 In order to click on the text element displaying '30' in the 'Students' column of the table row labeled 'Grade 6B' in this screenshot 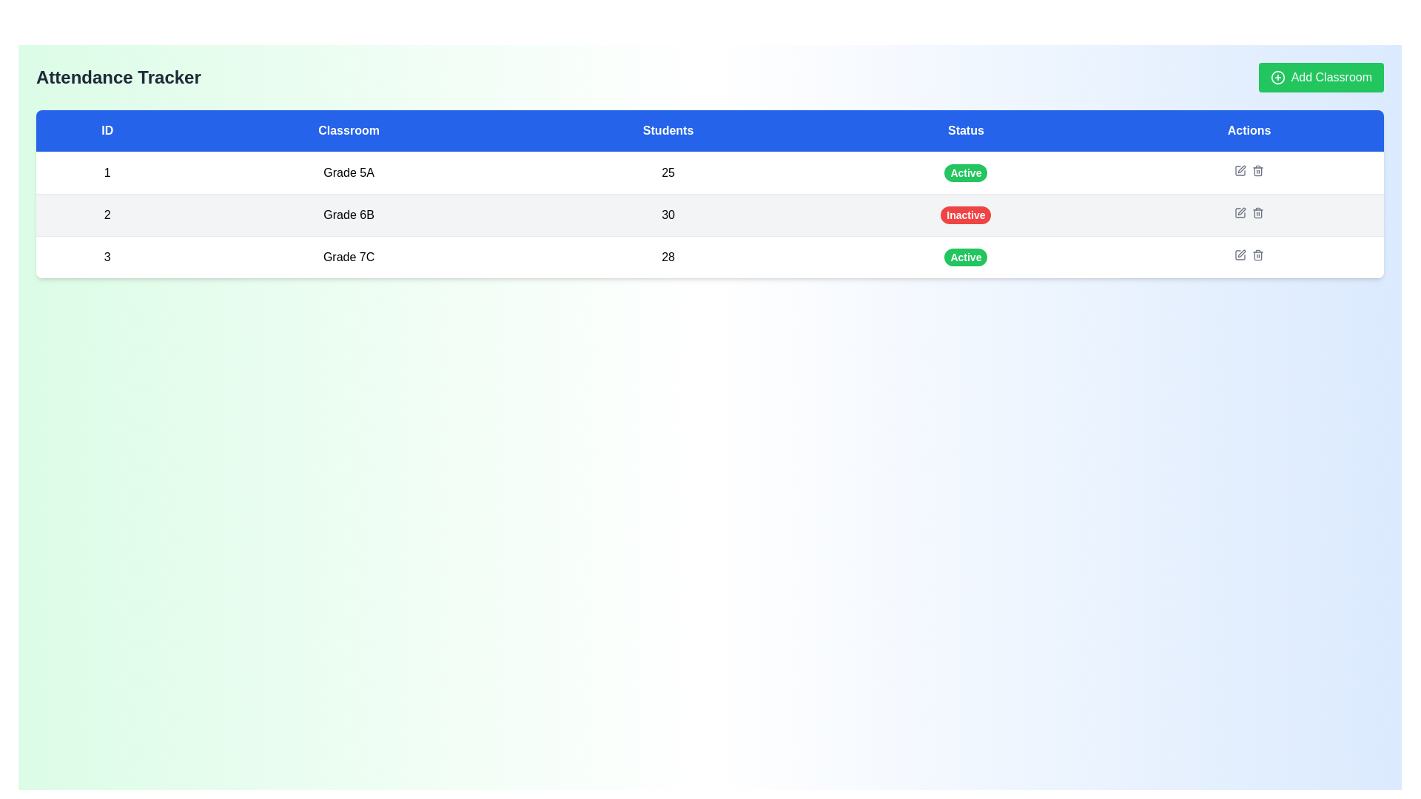, I will do `click(668, 215)`.